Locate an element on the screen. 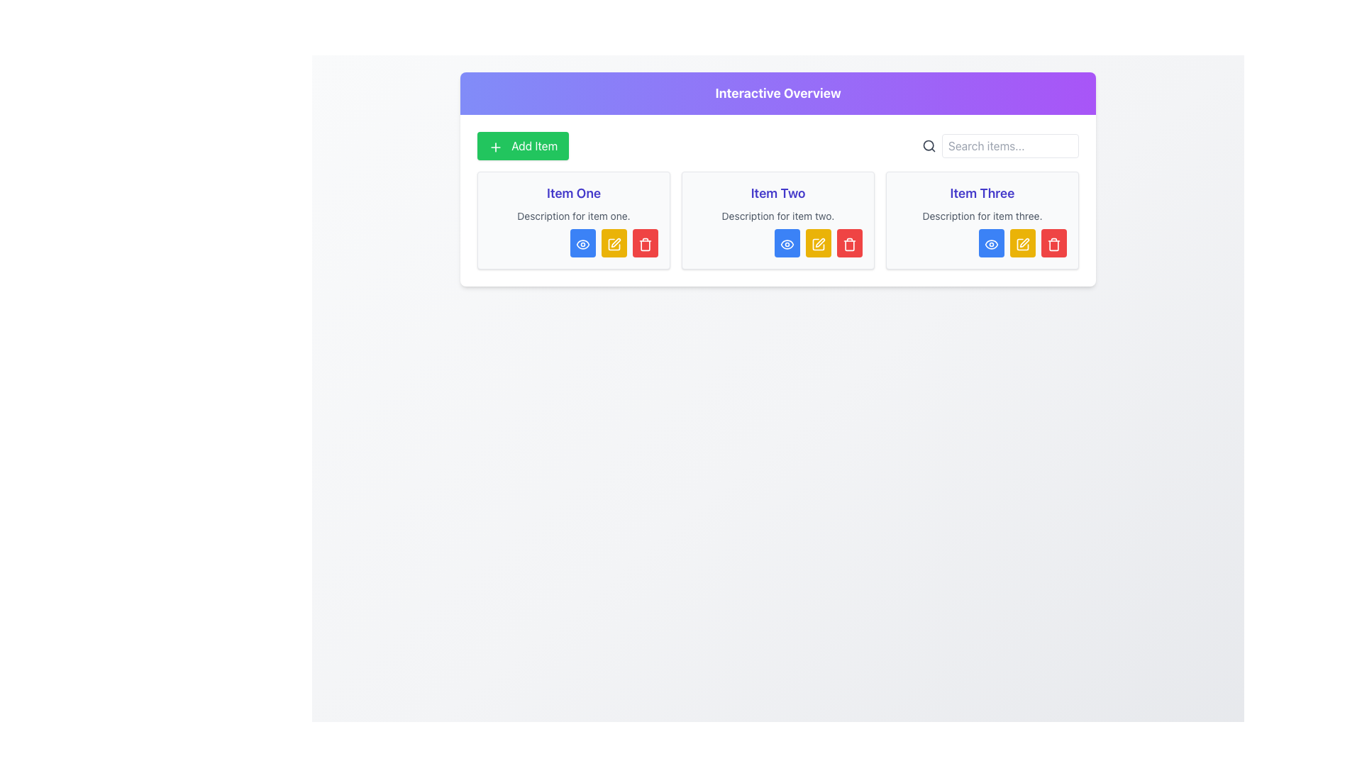 The width and height of the screenshot is (1362, 766). the central portion of the trash bin icon in the lower-right corner of the 'Item Two' card is located at coordinates (645, 245).